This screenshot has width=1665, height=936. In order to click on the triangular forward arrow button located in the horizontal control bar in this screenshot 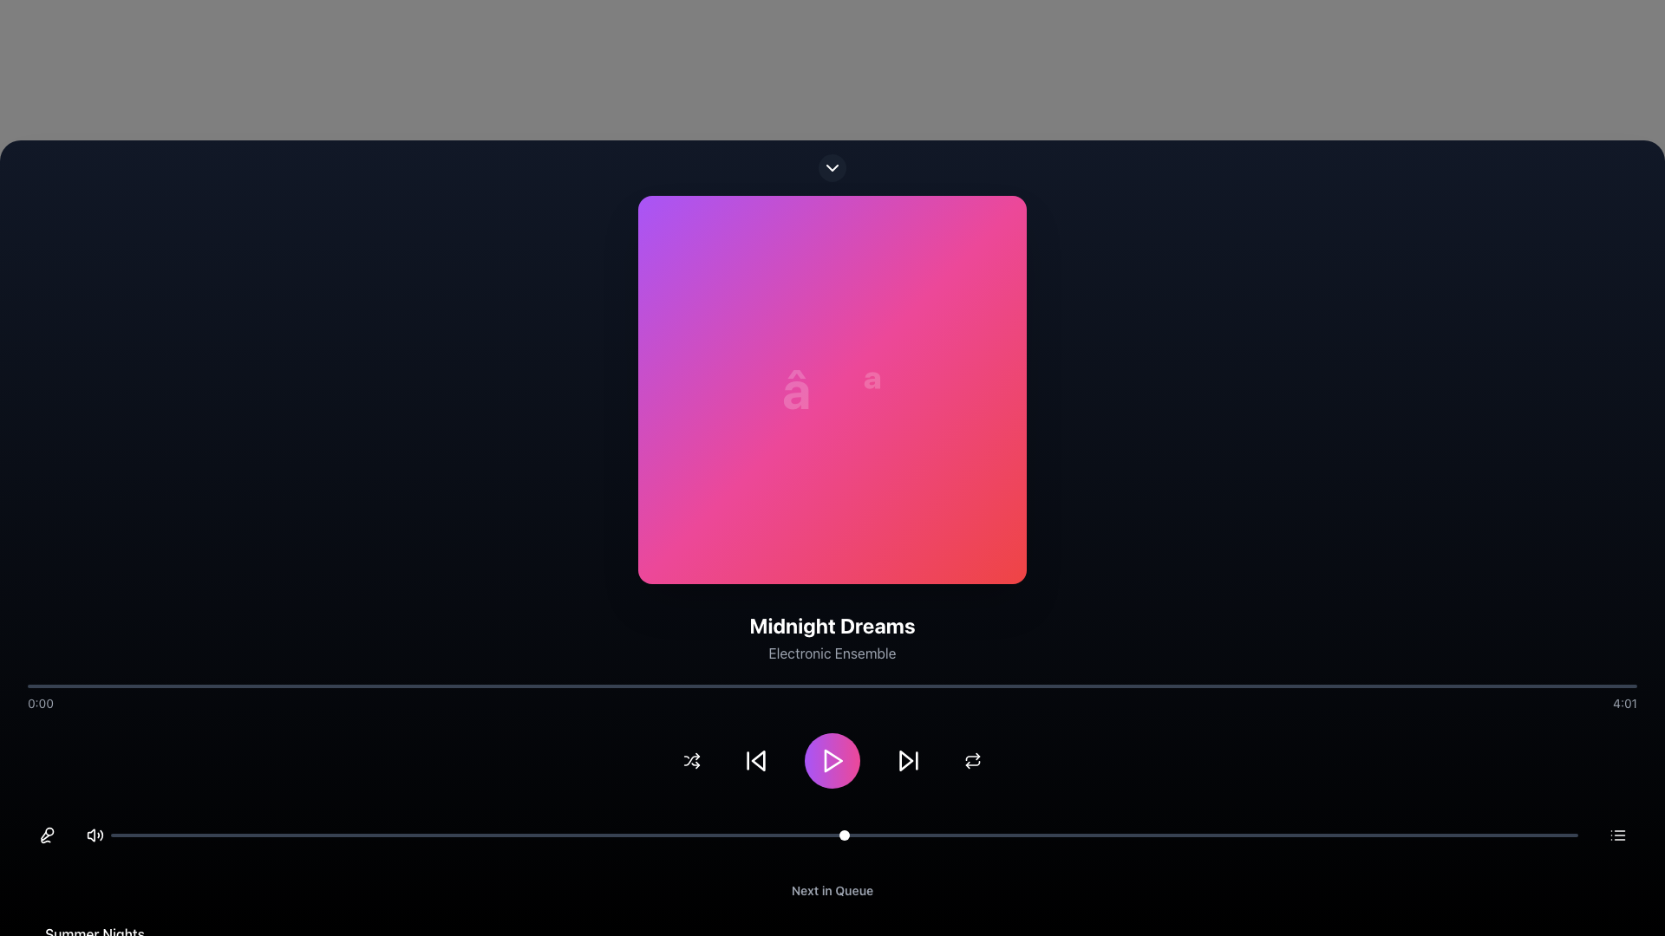, I will do `click(905, 760)`.